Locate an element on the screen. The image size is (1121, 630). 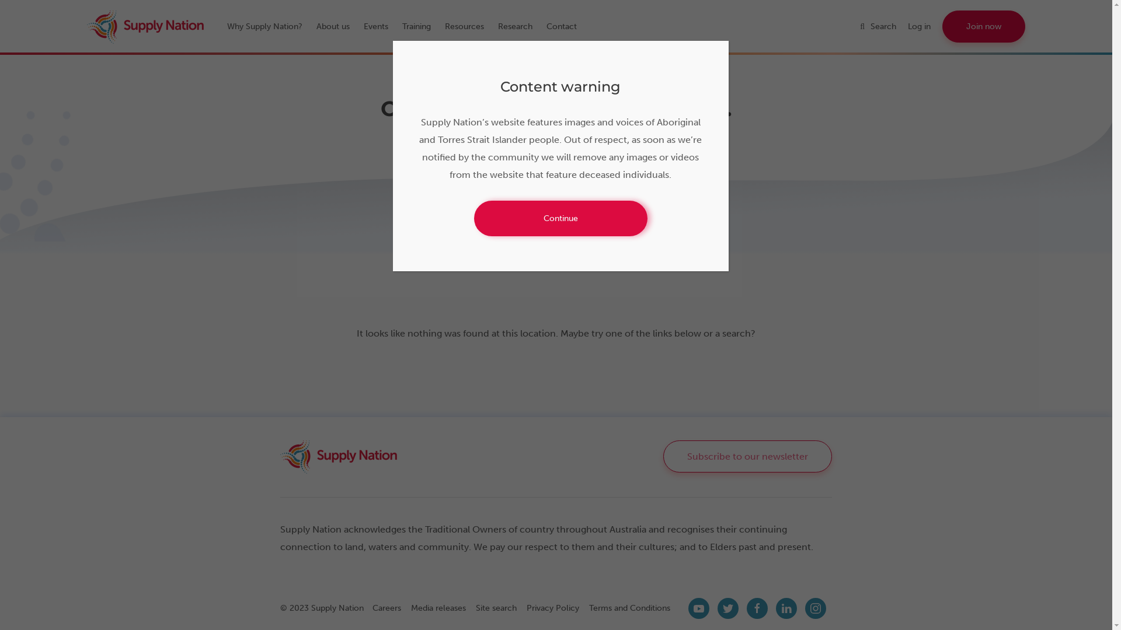
'Continue' is located at coordinates (560, 218).